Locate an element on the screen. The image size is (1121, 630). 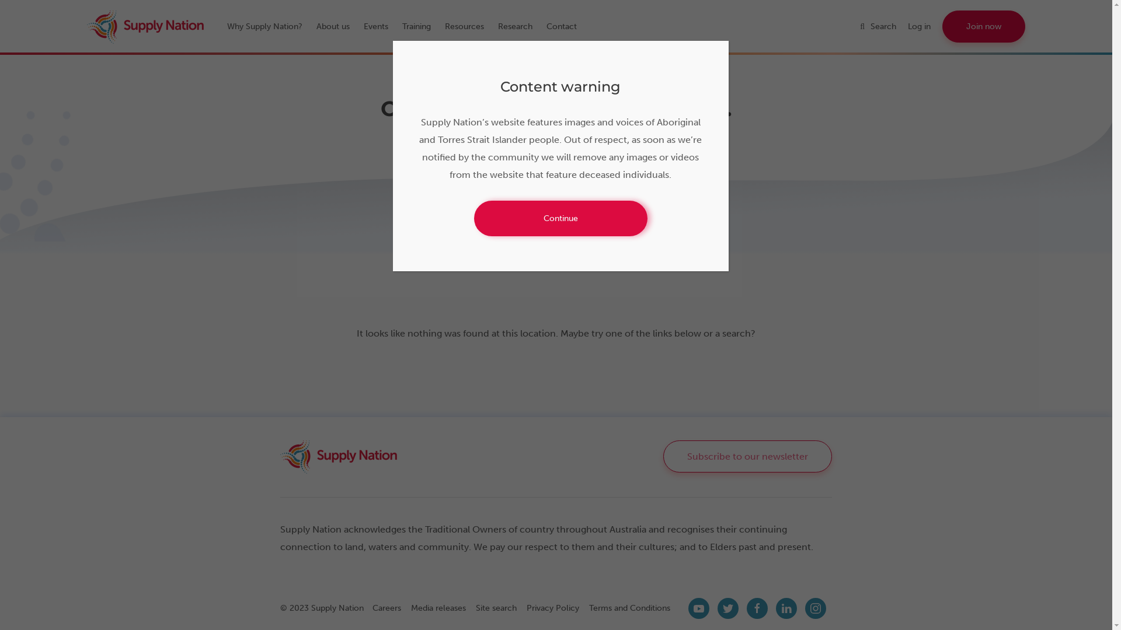
'Continue' is located at coordinates (560, 218).